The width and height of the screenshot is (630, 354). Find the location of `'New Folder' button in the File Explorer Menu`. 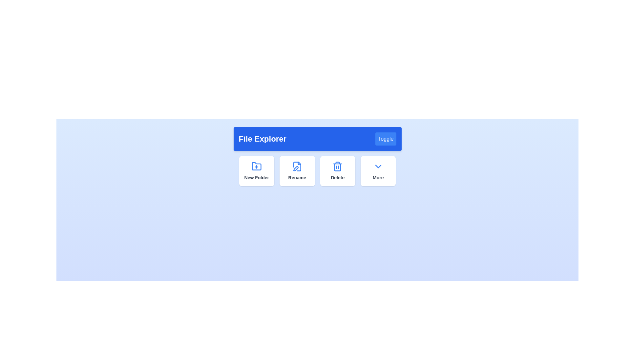

'New Folder' button in the File Explorer Menu is located at coordinates (256, 170).